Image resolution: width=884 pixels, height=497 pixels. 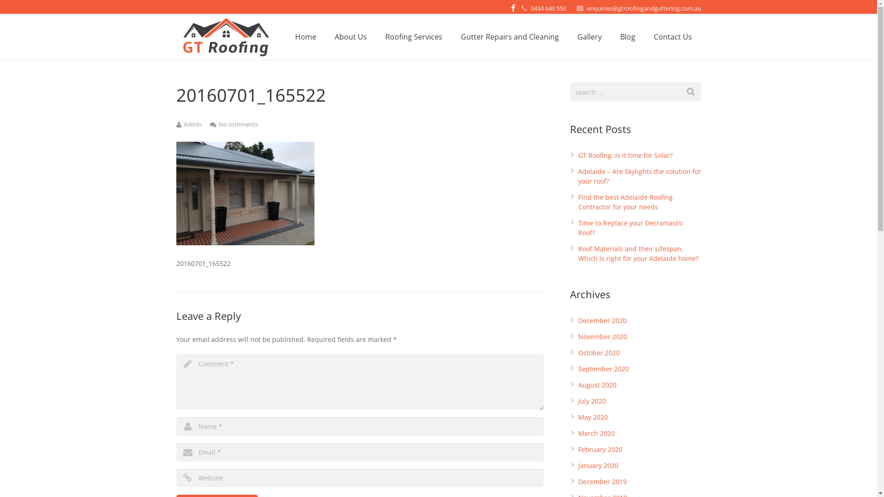 I want to click on 'Gutter Repairs and Cleaning', so click(x=509, y=36).